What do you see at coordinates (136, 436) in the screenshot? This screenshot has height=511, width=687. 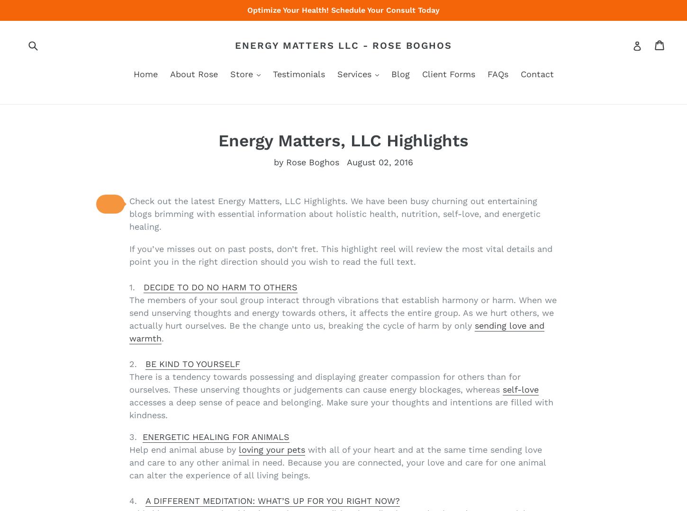 I see `'3.'` at bounding box center [136, 436].